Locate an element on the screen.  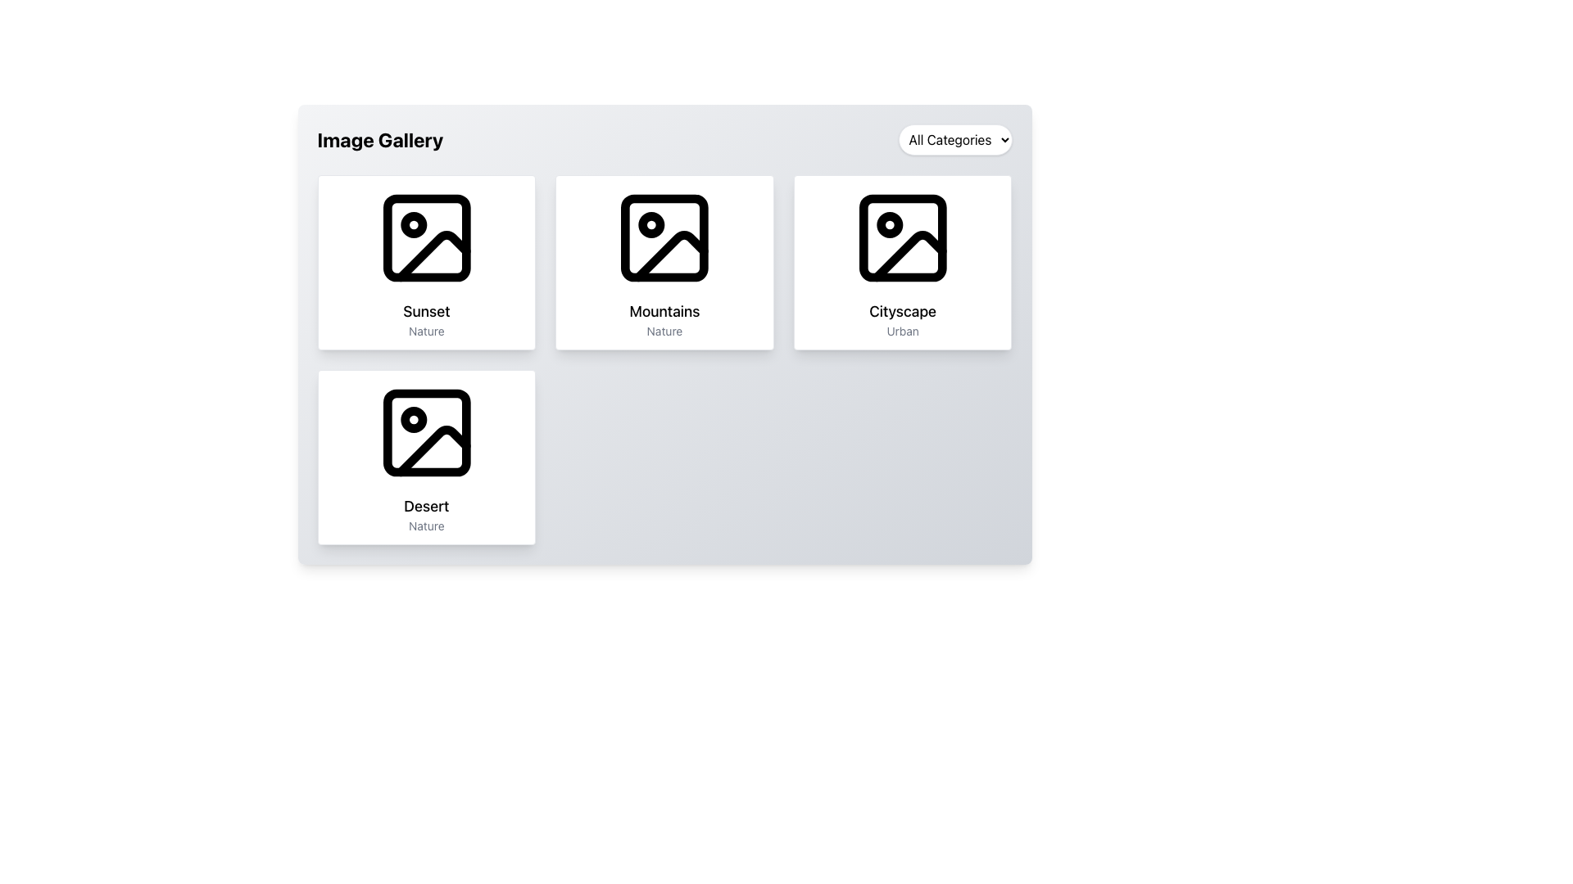
the text label displaying 'Nature' that is styled with a small font size and gray color, located at the bottom of the card labeled 'Sunset' is located at coordinates (426, 331).